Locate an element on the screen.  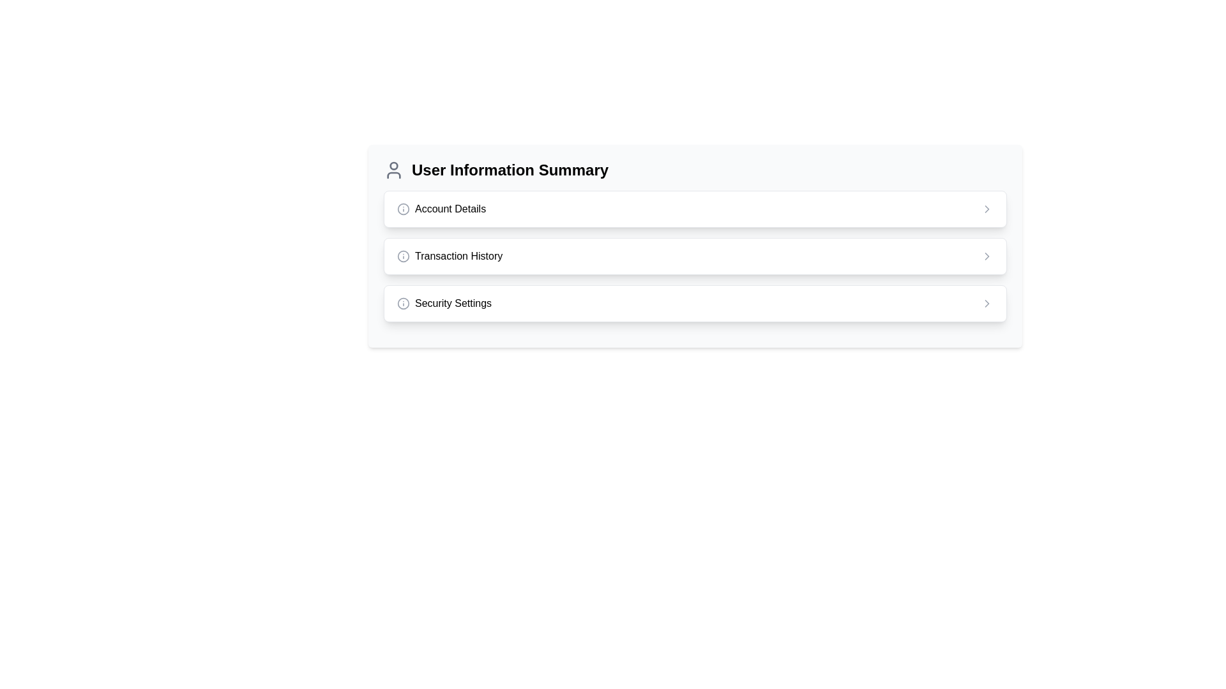
the right-pointing chevron icon located at the end of the 'Transaction History' section is located at coordinates (986, 256).